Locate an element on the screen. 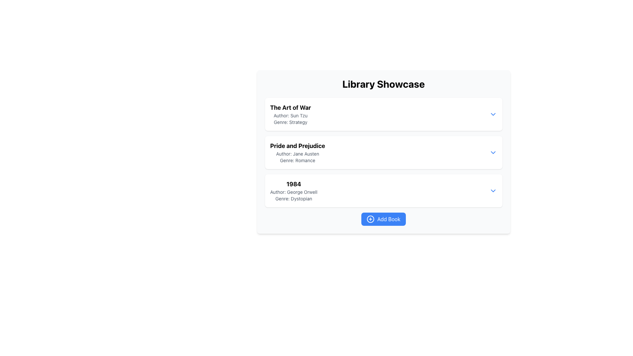 This screenshot has width=633, height=356. the text label displaying 'Genre: Strategy' located below 'Author: Sun Tzu' in the first book card is located at coordinates (290, 122).